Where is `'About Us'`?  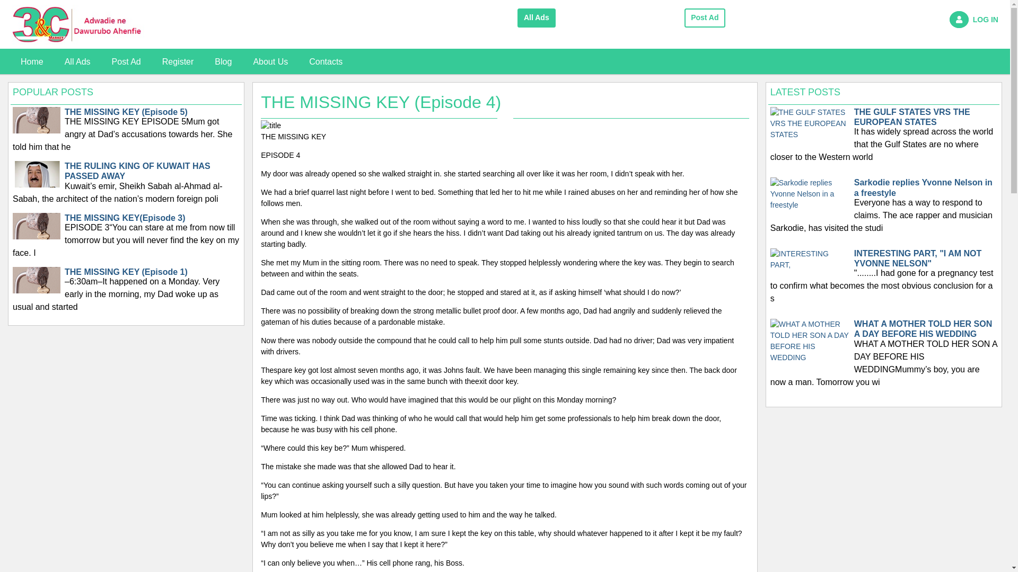 'About Us' is located at coordinates (241, 61).